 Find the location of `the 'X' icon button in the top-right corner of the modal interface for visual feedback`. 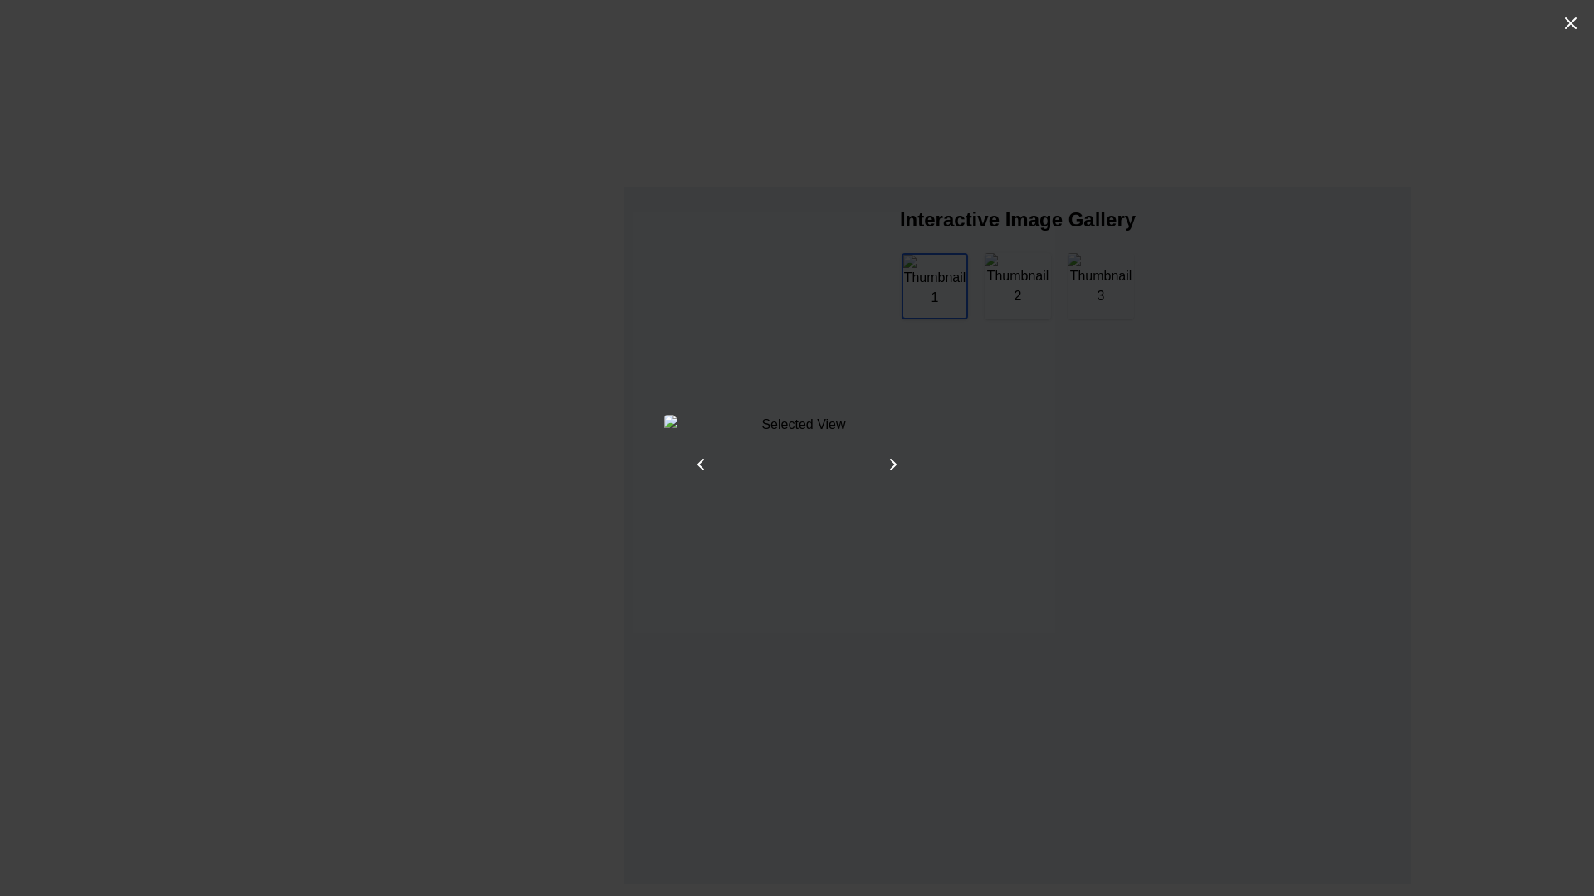

the 'X' icon button in the top-right corner of the modal interface for visual feedback is located at coordinates (1569, 22).